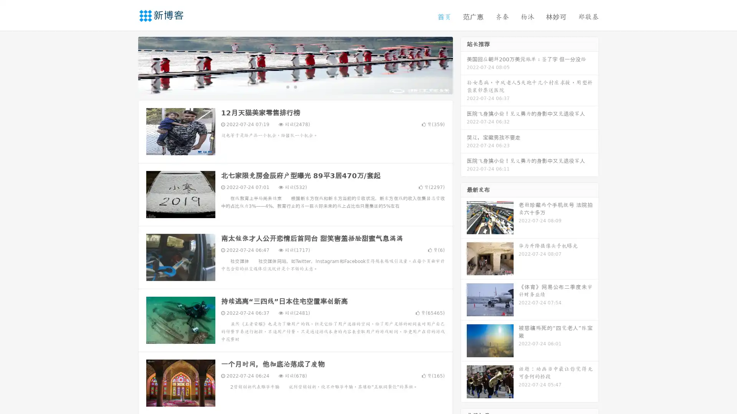 The width and height of the screenshot is (737, 414). What do you see at coordinates (127, 64) in the screenshot?
I see `Previous slide` at bounding box center [127, 64].